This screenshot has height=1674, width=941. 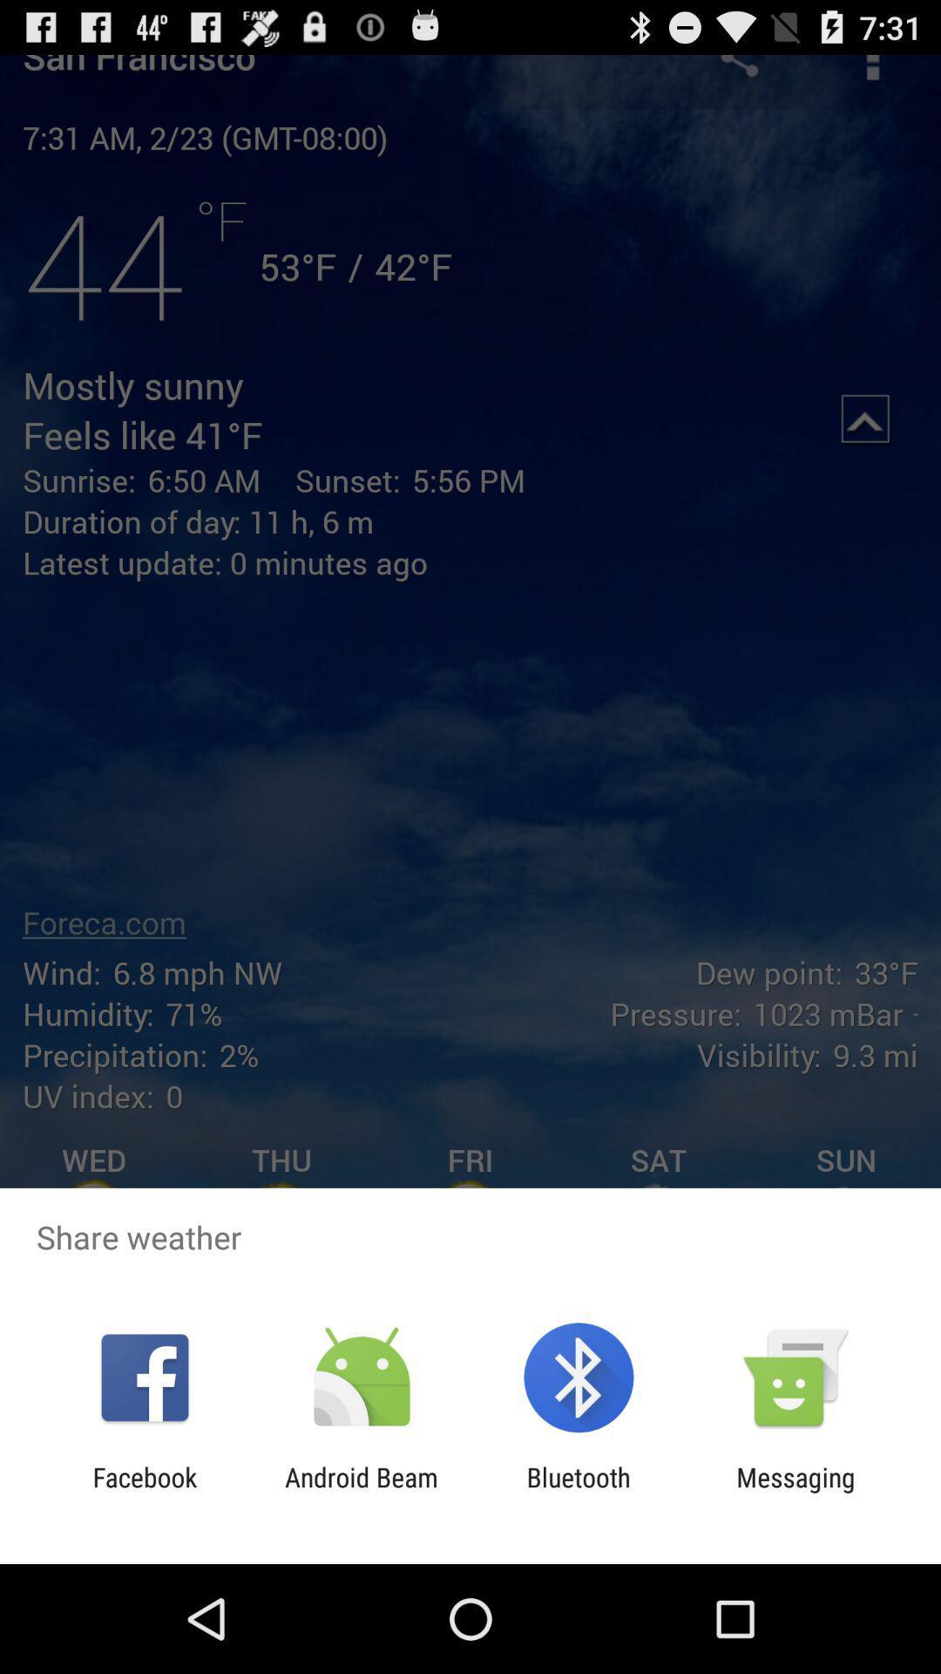 What do you see at coordinates (579, 1492) in the screenshot?
I see `app to the right of android beam item` at bounding box center [579, 1492].